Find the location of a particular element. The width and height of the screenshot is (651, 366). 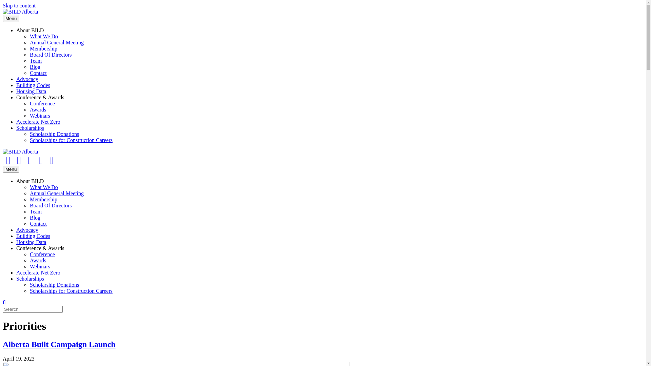

'About BILD' is located at coordinates (16, 30).